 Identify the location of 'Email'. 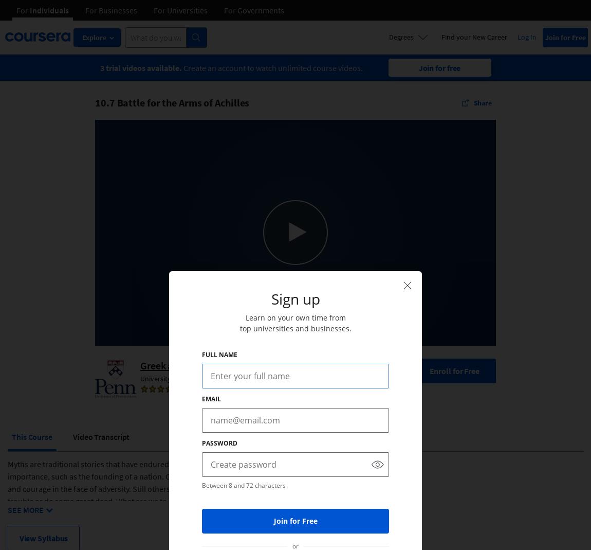
(201, 399).